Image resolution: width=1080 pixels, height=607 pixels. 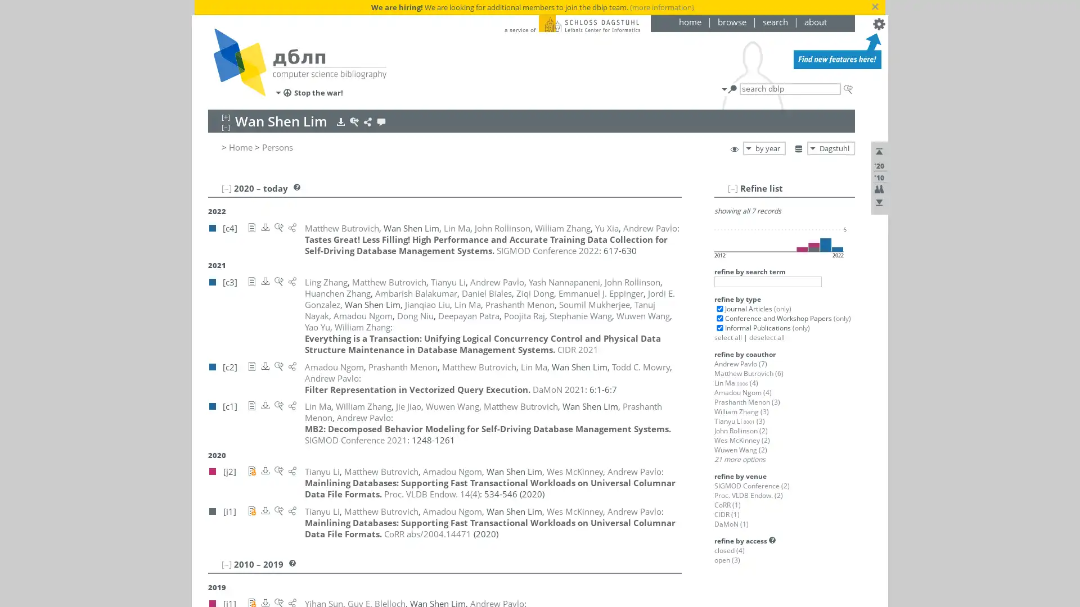 I want to click on Proc. VLDB Endow. (2), so click(x=748, y=495).